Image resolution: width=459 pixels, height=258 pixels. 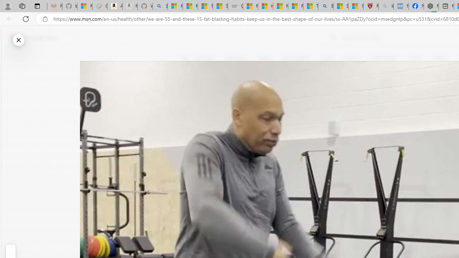 I want to click on 'Microsoft Start', so click(x=33, y=38).